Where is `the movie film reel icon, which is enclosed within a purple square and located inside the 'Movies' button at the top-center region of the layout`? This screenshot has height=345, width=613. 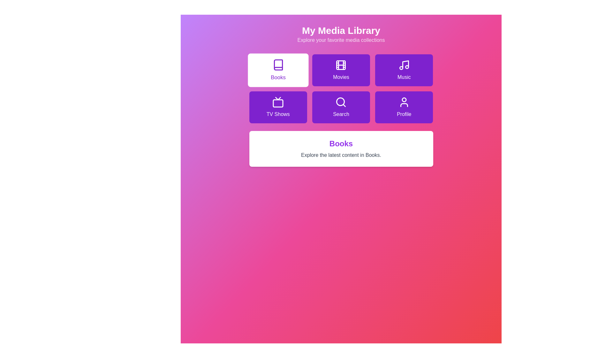 the movie film reel icon, which is enclosed within a purple square and located inside the 'Movies' button at the top-center region of the layout is located at coordinates (341, 65).